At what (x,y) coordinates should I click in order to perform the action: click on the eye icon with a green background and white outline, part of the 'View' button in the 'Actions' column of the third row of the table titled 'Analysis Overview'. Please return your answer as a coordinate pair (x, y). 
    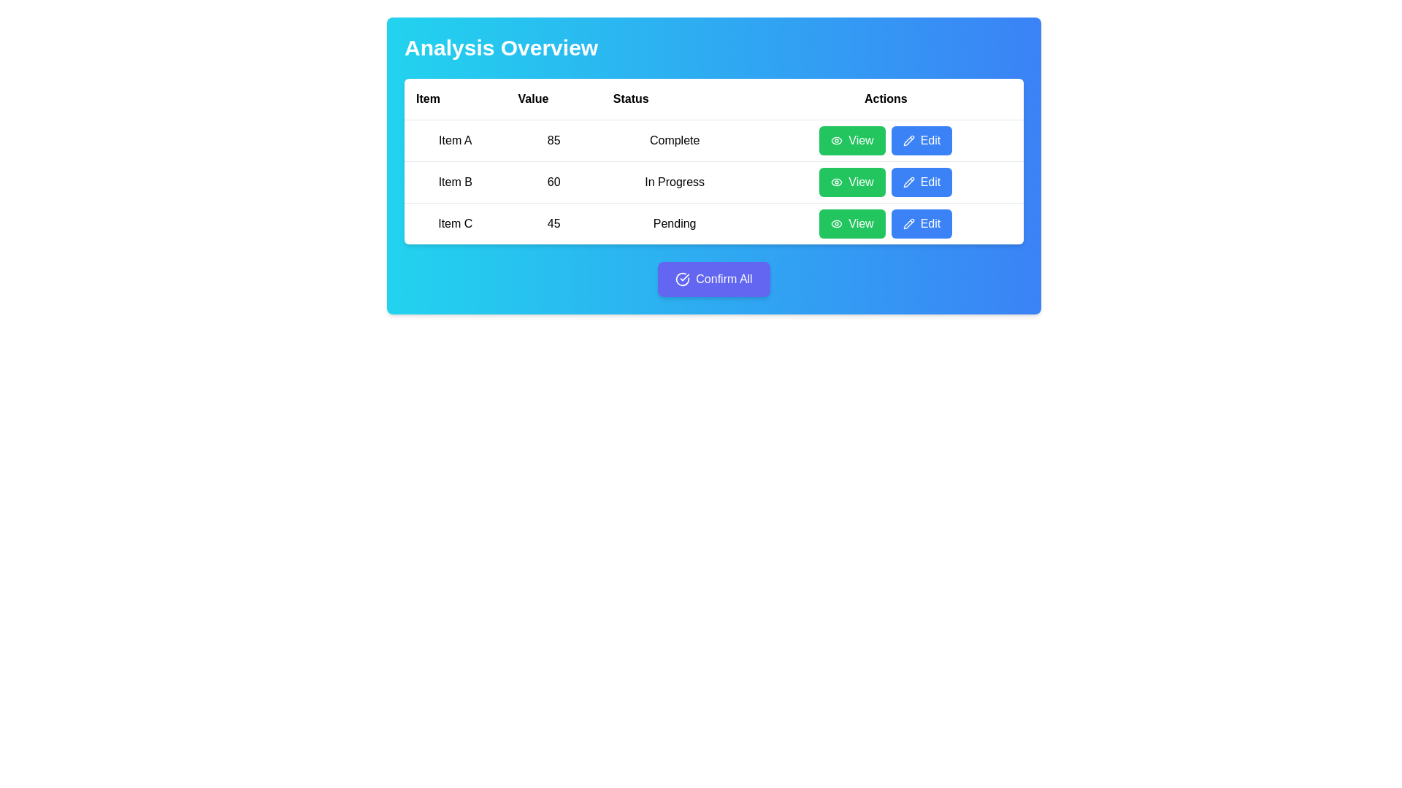
    Looking at the image, I should click on (837, 224).